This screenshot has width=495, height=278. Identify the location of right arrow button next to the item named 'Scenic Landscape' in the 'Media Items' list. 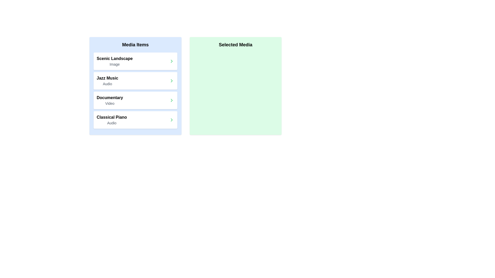
(171, 61).